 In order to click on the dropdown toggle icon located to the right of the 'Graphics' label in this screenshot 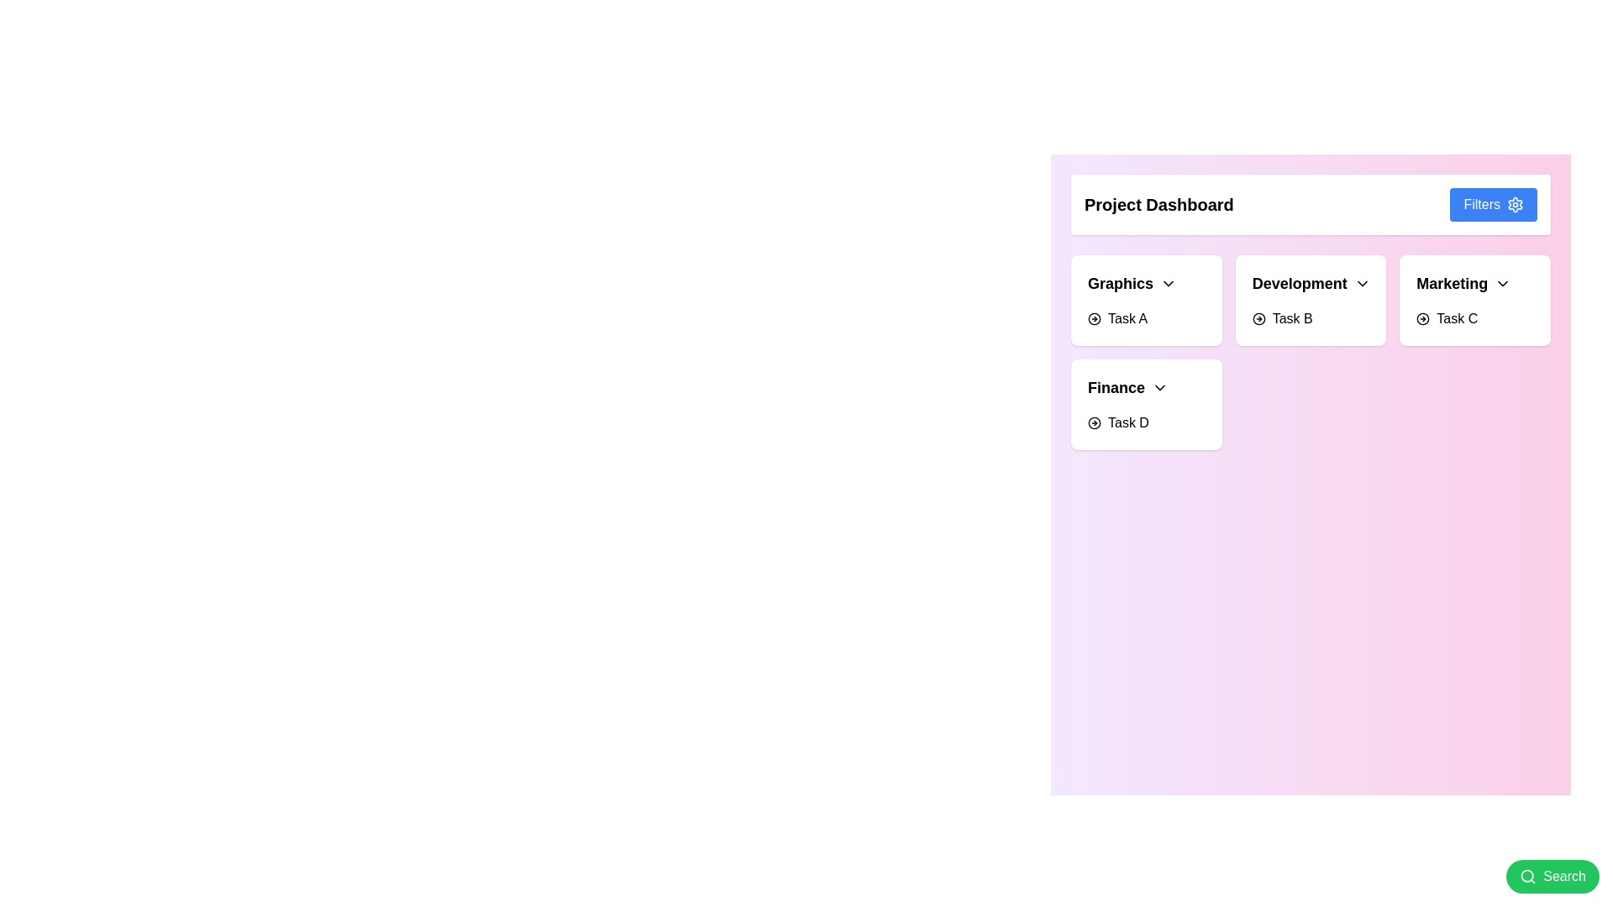, I will do `click(1168, 283)`.